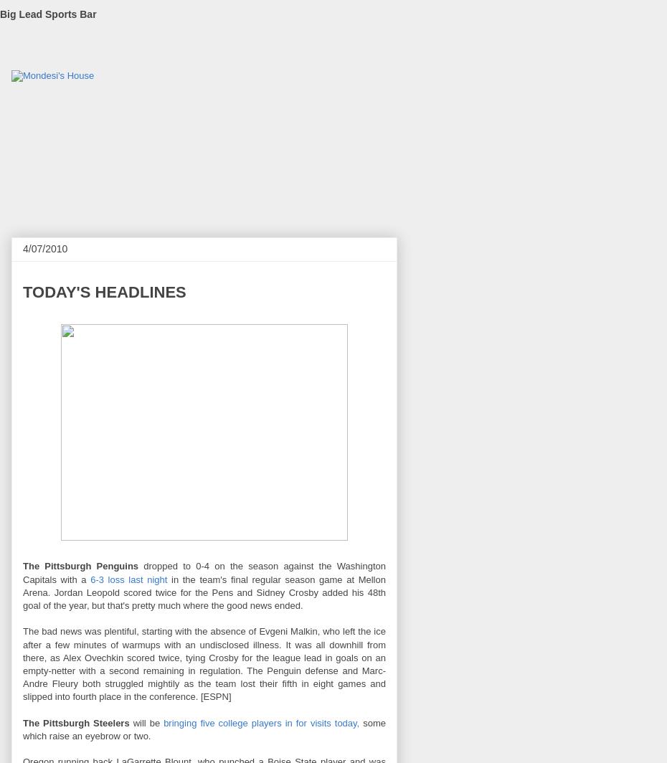 The image size is (667, 763). I want to click on 'The bad news was plentiful, starting with the absence of Evgeni Malkin, who left the ice after a few minutes of warmups with an undisclosed illness. It was all downhill from there, as Alex Ovechkin scored twice, tying Crosby for the league lead in goals on an empty-netter with a second remaining in regulation. The Penguin defense and Marc-Andre Fleury both struggled mightily as the team lost their fifth in eight games and slipped into fourth  place in the conference. [ESPN]', so click(22, 663).